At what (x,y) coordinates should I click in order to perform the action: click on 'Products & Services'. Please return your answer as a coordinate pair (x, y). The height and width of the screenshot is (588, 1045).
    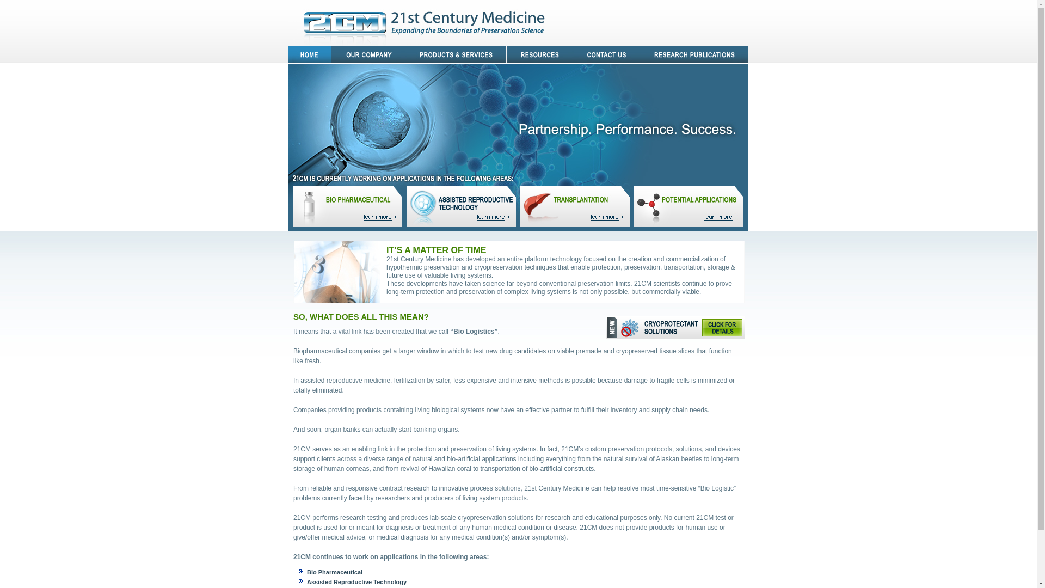
    Looking at the image, I should click on (457, 54).